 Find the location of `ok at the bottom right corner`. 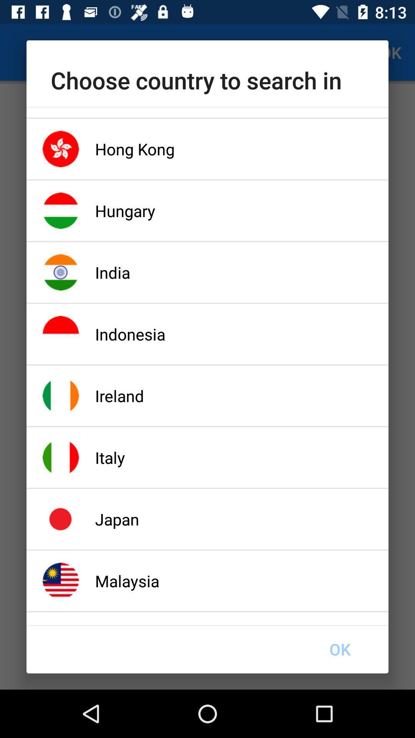

ok at the bottom right corner is located at coordinates (339, 649).